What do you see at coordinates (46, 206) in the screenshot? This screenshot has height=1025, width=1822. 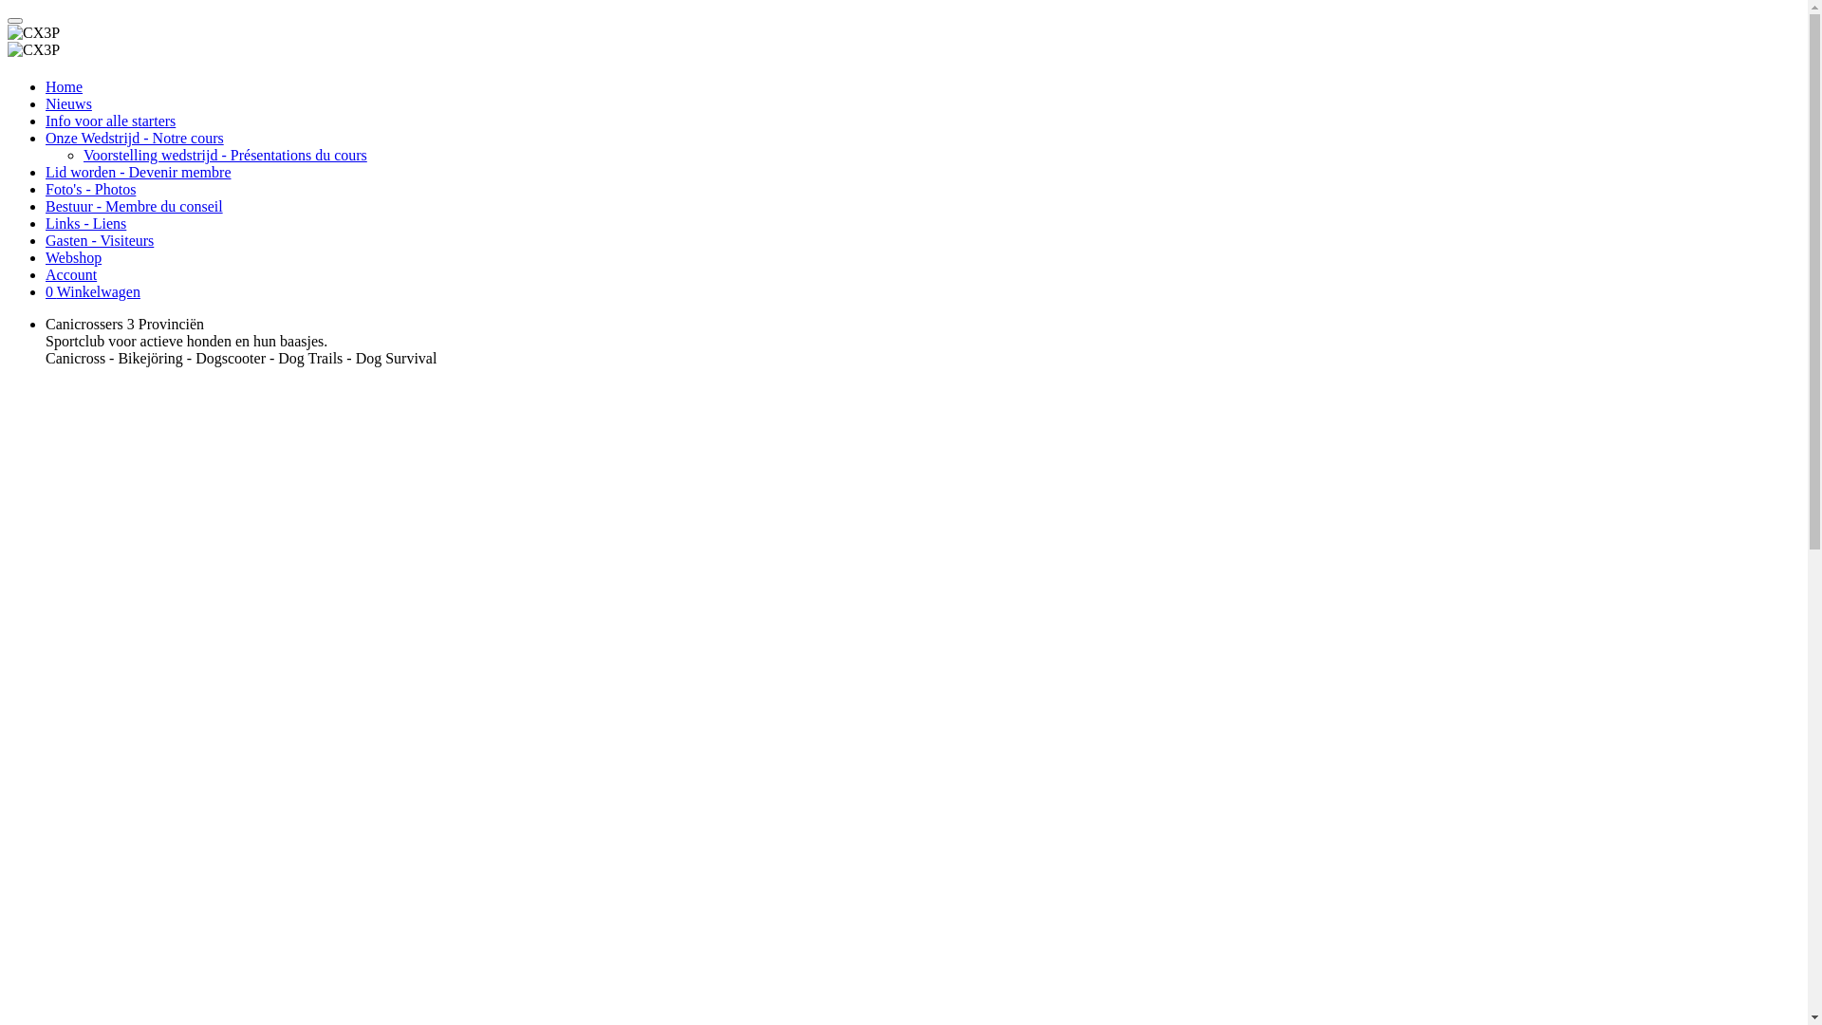 I see `'Bestuur - Membre du conseil'` at bounding box center [46, 206].